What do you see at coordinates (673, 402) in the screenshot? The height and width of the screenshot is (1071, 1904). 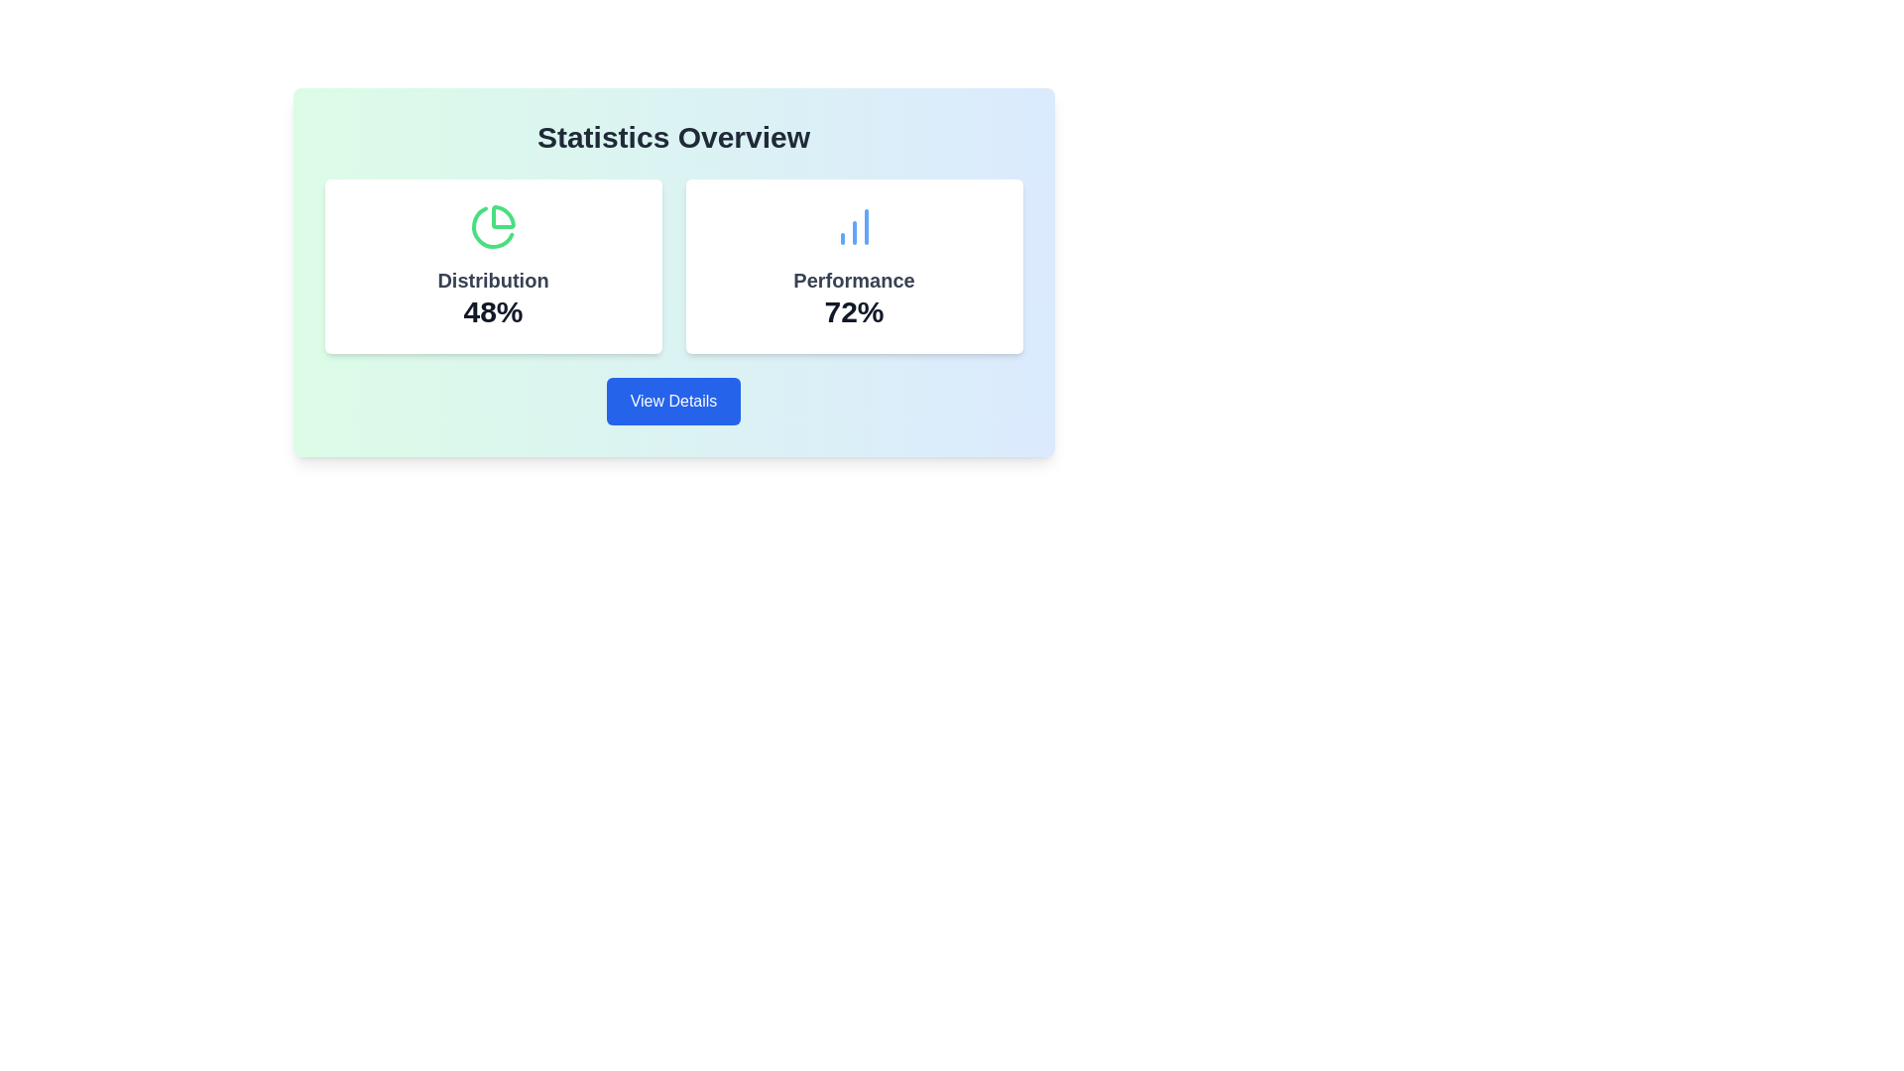 I see `the 'View Details' button` at bounding box center [673, 402].